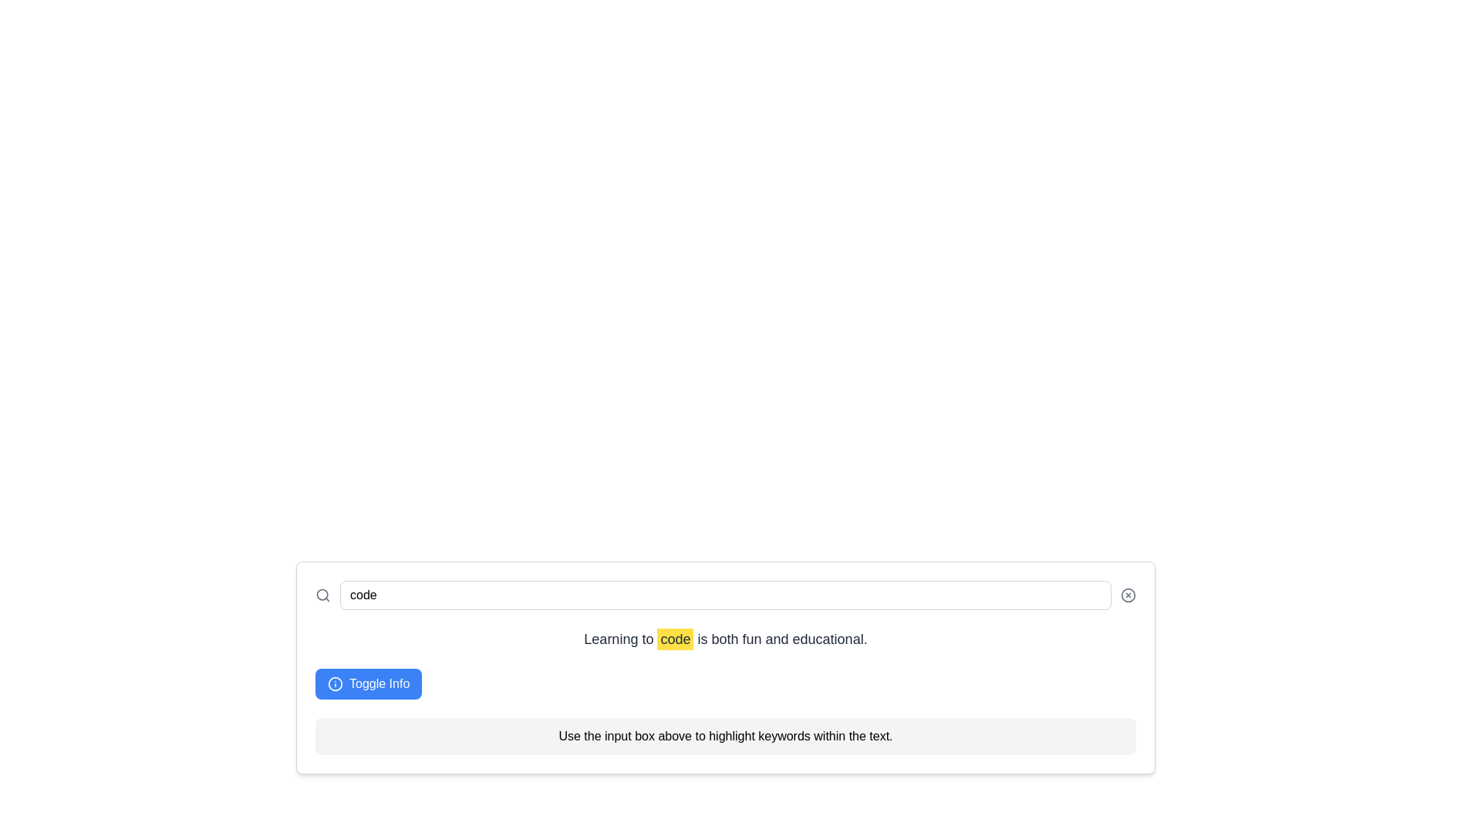 The image size is (1481, 833). I want to click on the circular part of the search icon, so click(322, 594).